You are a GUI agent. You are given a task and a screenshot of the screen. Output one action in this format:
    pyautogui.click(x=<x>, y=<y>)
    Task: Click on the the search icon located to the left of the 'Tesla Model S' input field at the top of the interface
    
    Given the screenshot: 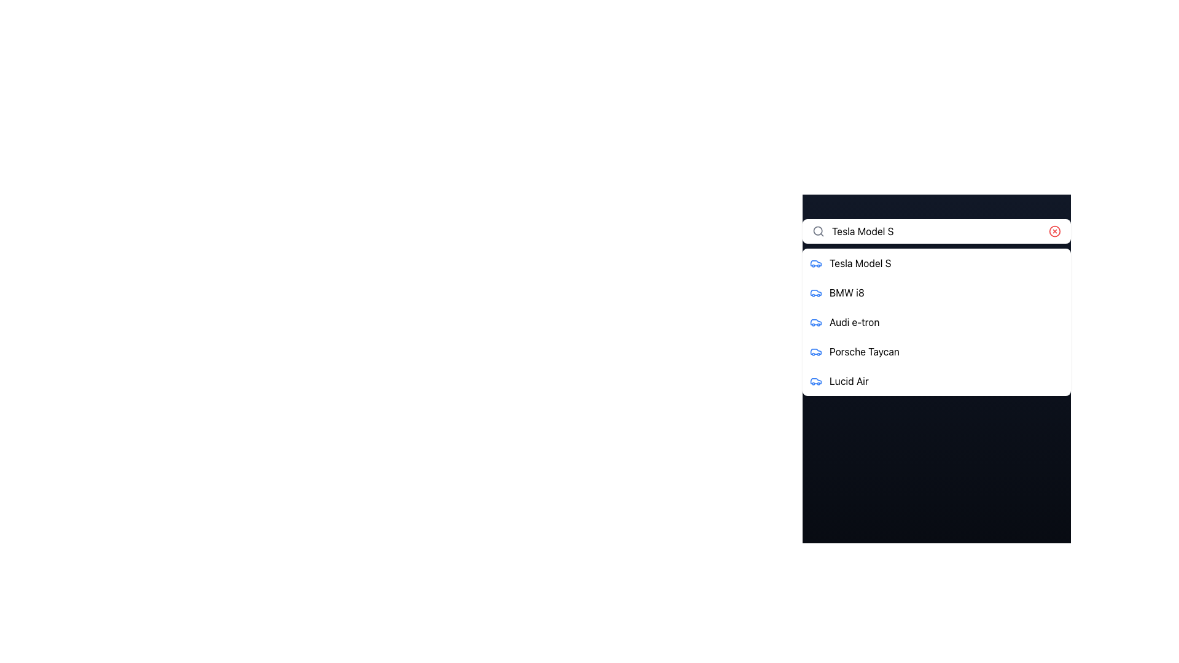 What is the action you would take?
    pyautogui.click(x=819, y=231)
    